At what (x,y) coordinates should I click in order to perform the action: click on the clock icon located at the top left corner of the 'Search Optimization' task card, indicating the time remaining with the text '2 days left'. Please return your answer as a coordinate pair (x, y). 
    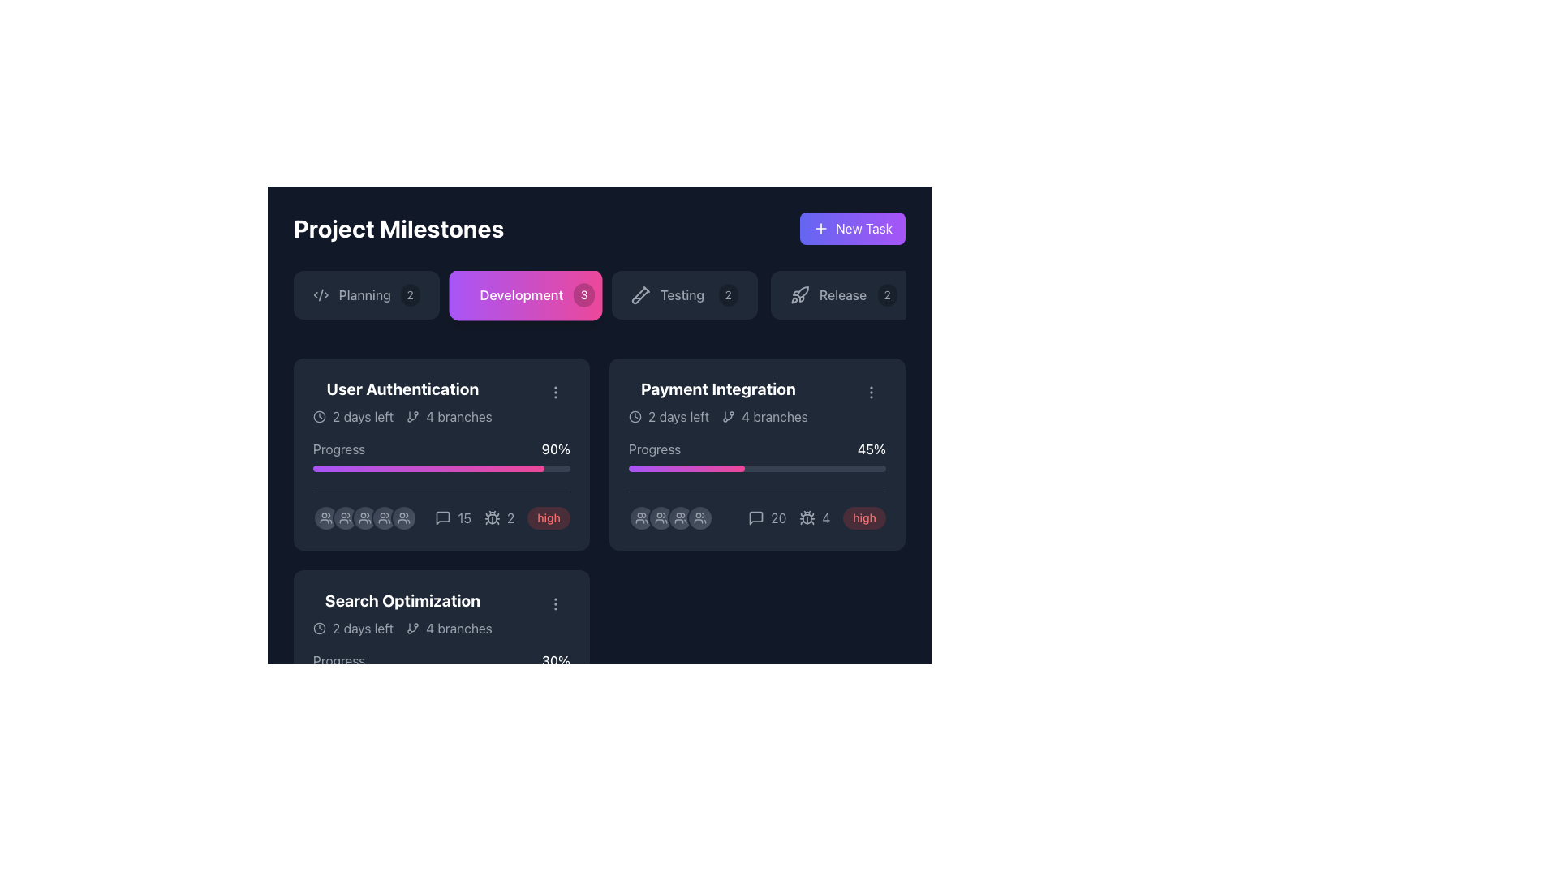
    Looking at the image, I should click on (319, 628).